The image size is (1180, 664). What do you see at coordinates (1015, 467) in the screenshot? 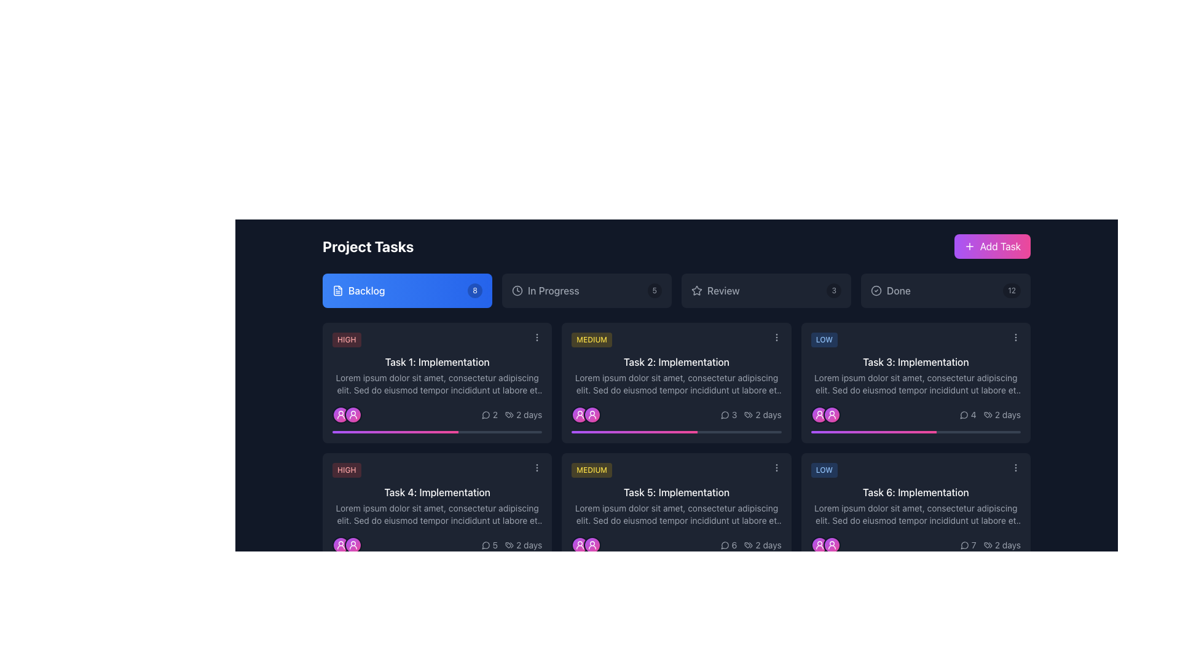
I see `the vertical ellipsis icon button located in the top-right corner of the 'Task 3: Implementation' card within the 'Done' section` at bounding box center [1015, 467].